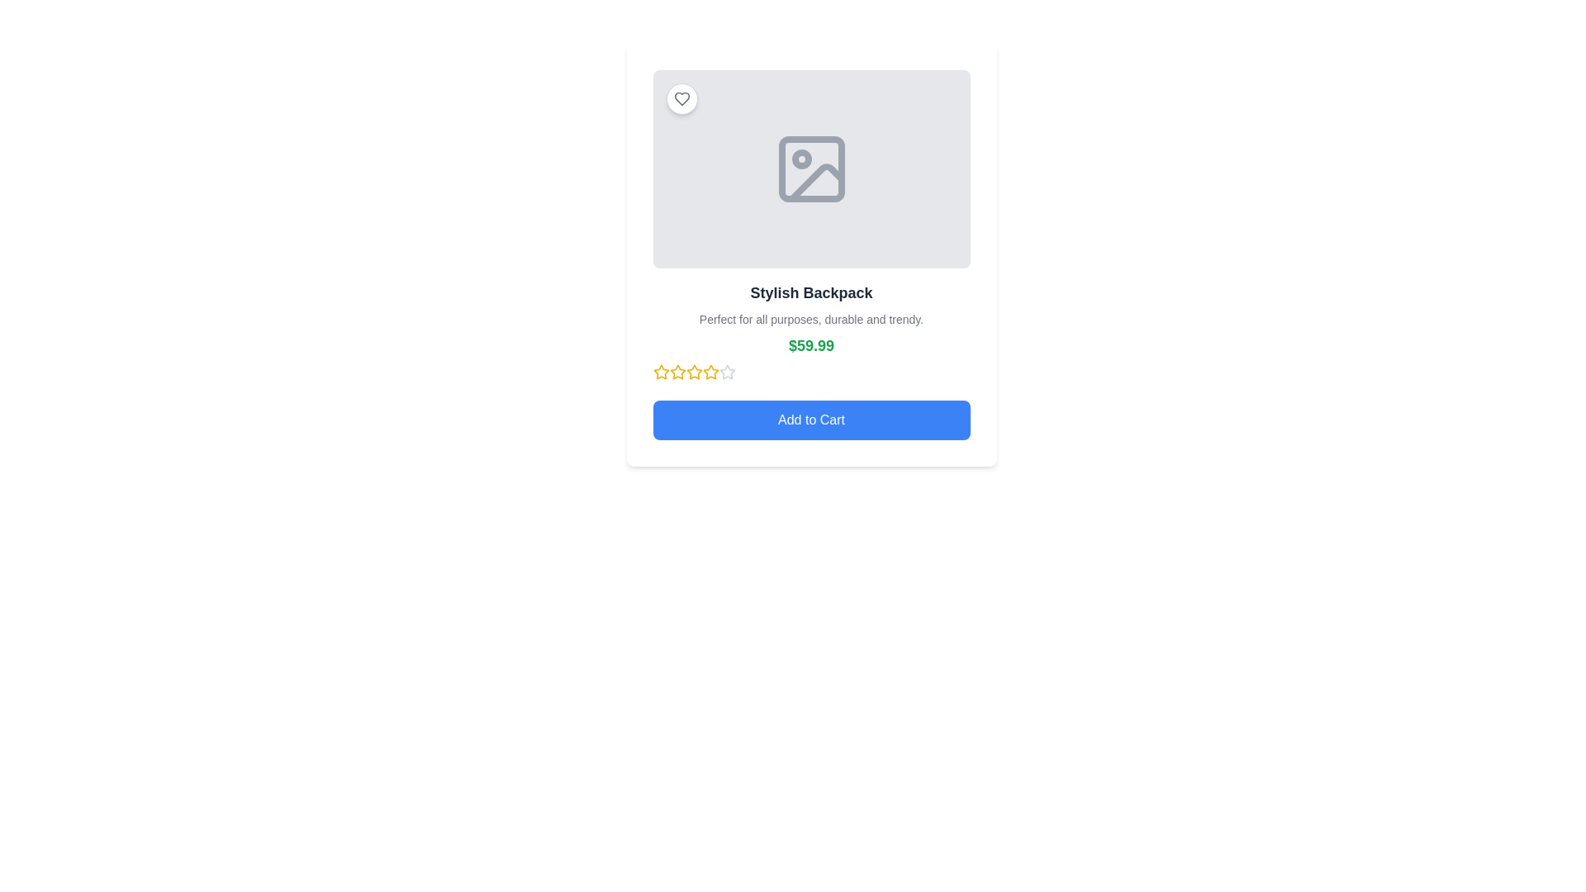 The image size is (1586, 892). What do you see at coordinates (661, 372) in the screenshot?
I see `the second star icon used for rating to interact with the rating system` at bounding box center [661, 372].